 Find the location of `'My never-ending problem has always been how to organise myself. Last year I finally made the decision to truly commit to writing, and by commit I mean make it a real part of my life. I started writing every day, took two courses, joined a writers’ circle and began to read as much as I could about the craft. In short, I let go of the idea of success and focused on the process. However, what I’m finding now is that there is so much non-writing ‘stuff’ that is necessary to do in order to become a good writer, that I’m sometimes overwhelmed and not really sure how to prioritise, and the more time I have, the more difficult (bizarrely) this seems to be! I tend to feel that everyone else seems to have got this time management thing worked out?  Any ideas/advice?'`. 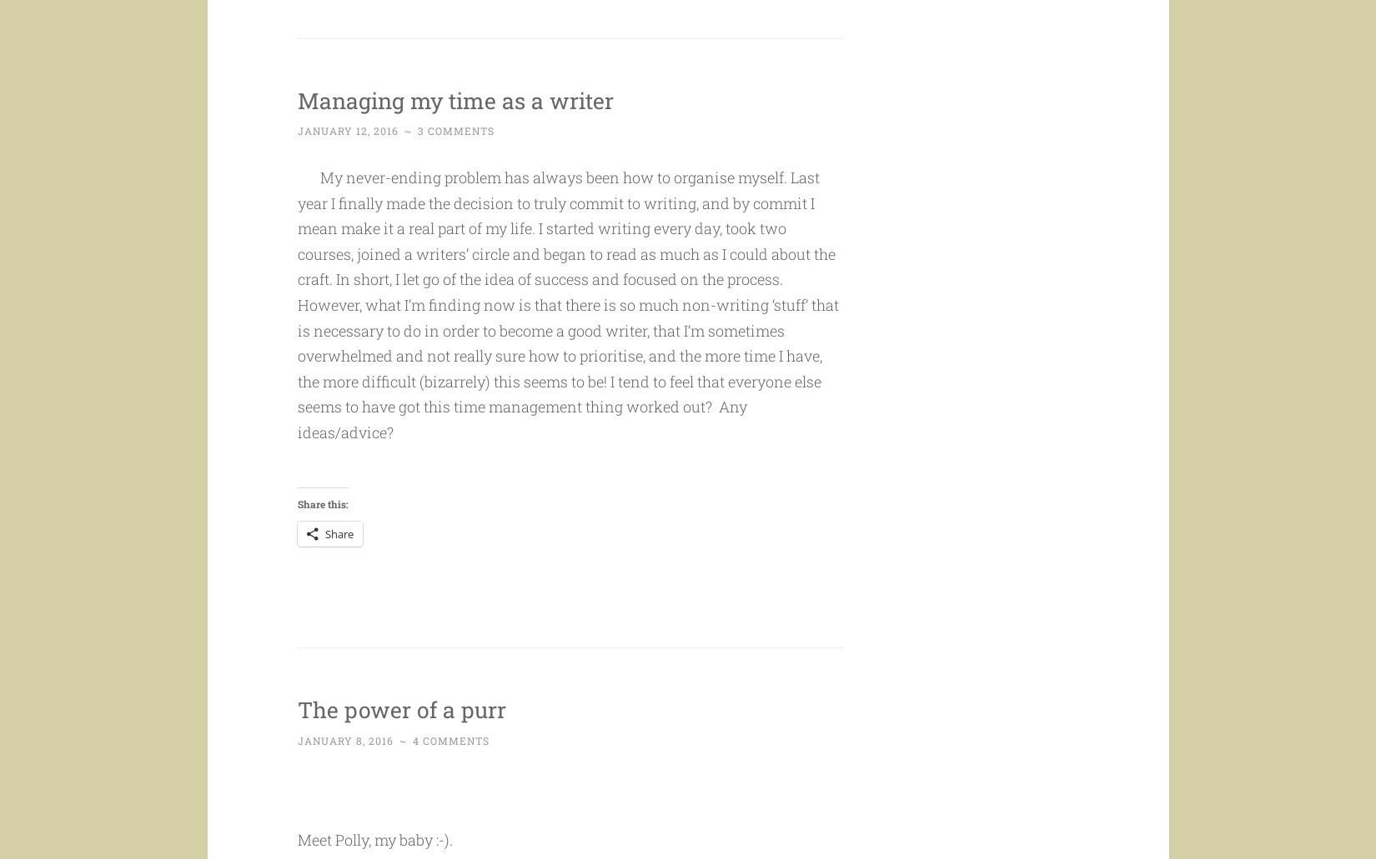

'My never-ending problem has always been how to organise myself. Last year I finally made the decision to truly commit to writing, and by commit I mean make it a real part of my life. I started writing every day, took two courses, joined a writers’ circle and began to read as much as I could about the craft. In short, I let go of the idea of success and focused on the process. However, what I’m finding now is that there is so much non-writing ‘stuff’ that is necessary to do in order to become a good writer, that I’m sometimes overwhelmed and not really sure how to prioritise, and the more time I have, the more difficult (bizarrely) this seems to be! I tend to feel that everyone else seems to have got this time management thing worked out?  Any ideas/advice?' is located at coordinates (566, 336).